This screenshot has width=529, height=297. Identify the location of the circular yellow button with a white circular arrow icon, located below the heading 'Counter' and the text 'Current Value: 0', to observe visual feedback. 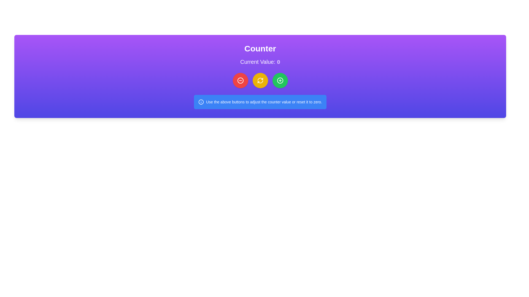
(260, 81).